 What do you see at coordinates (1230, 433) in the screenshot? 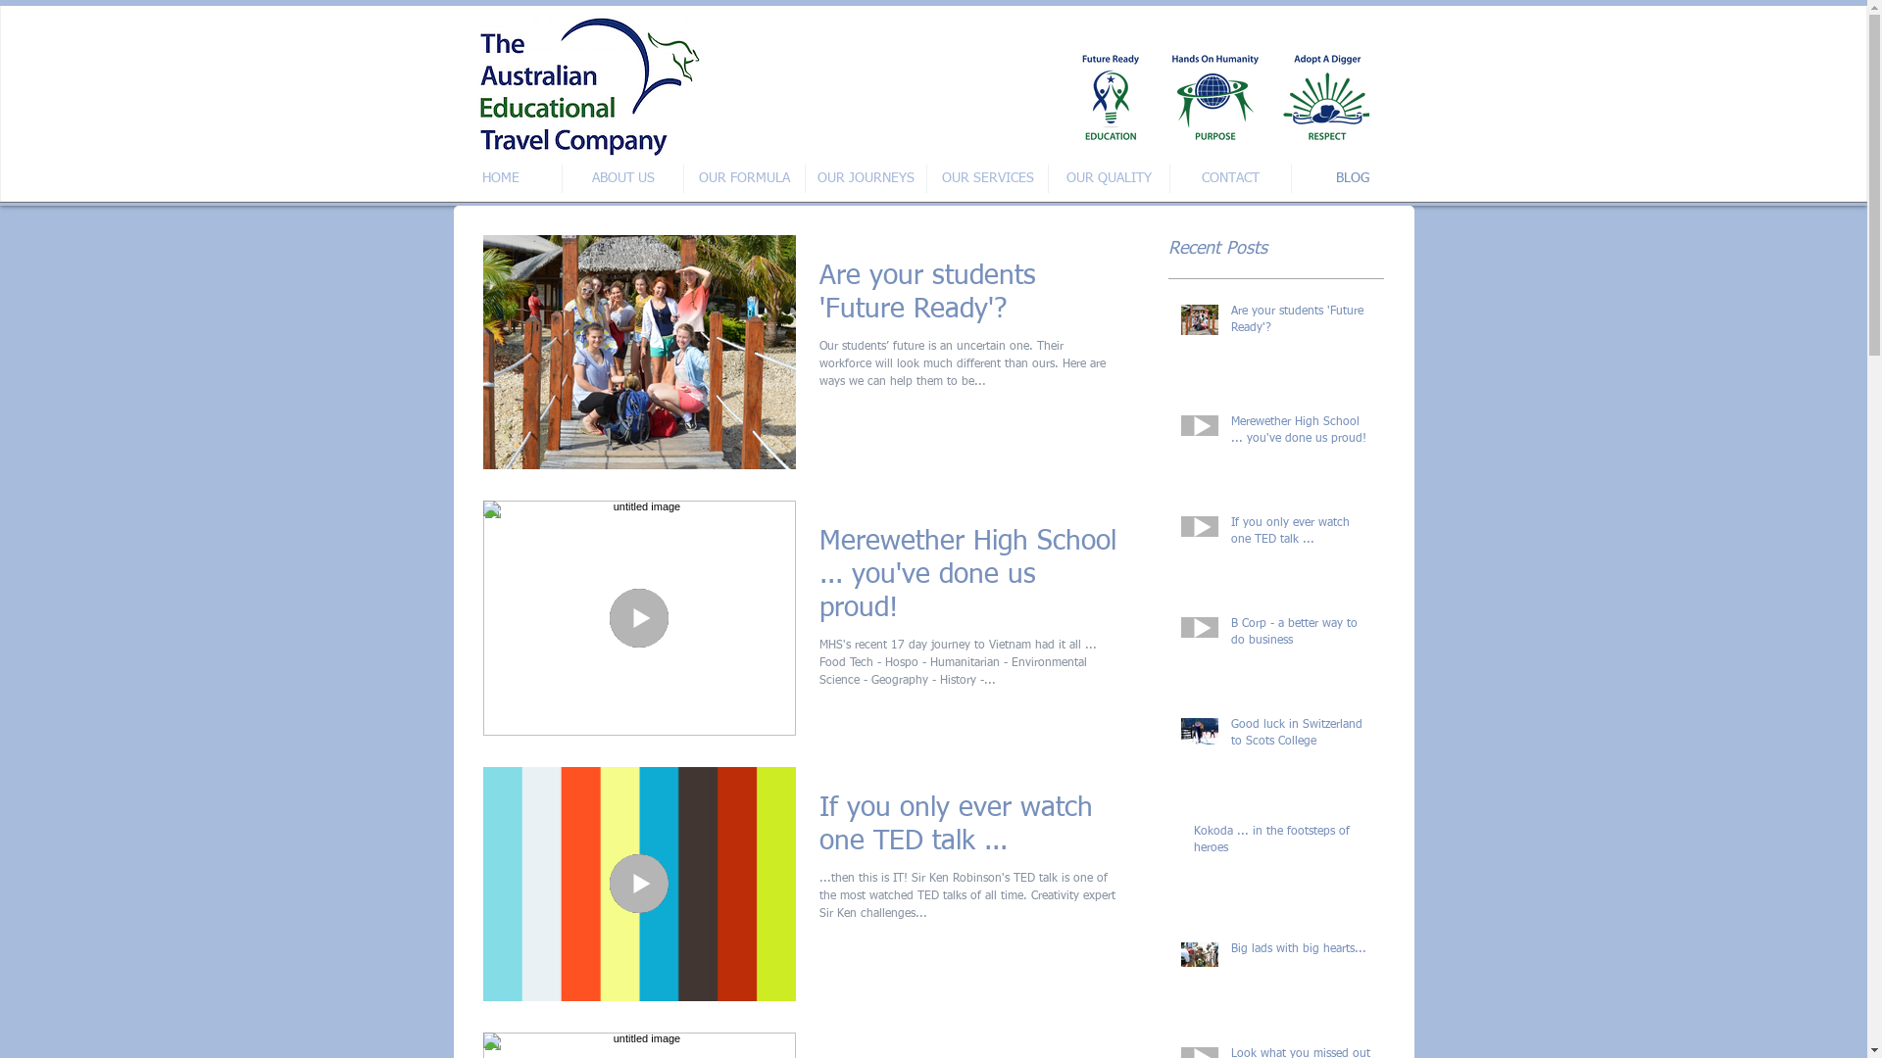
I see `'Merewether High School ... you've done us proud!'` at bounding box center [1230, 433].